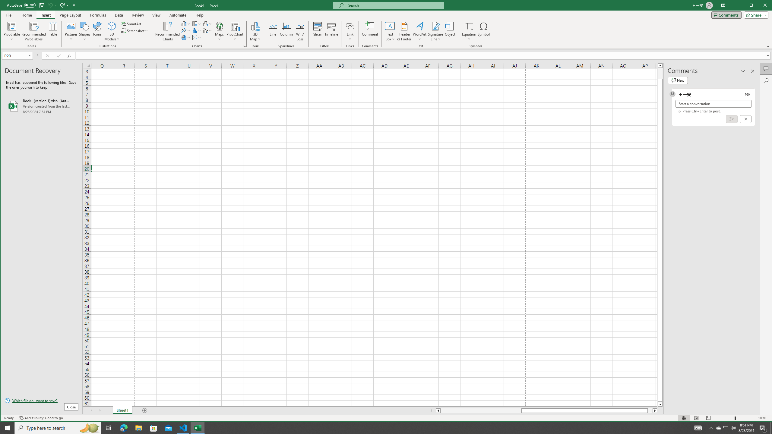 The height and width of the screenshot is (434, 772). What do you see at coordinates (185, 31) in the screenshot?
I see `'Insert Line or Area Chart'` at bounding box center [185, 31].